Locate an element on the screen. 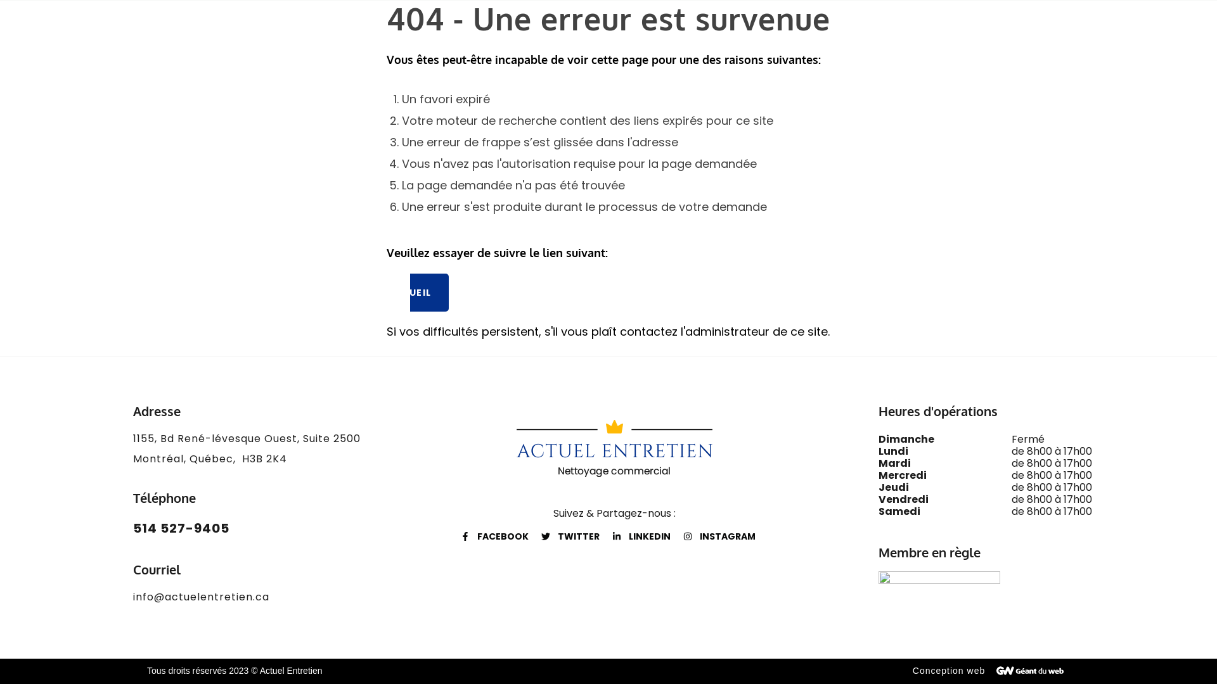 This screenshot has width=1217, height=684. 'INSTAGRAM' is located at coordinates (719, 537).